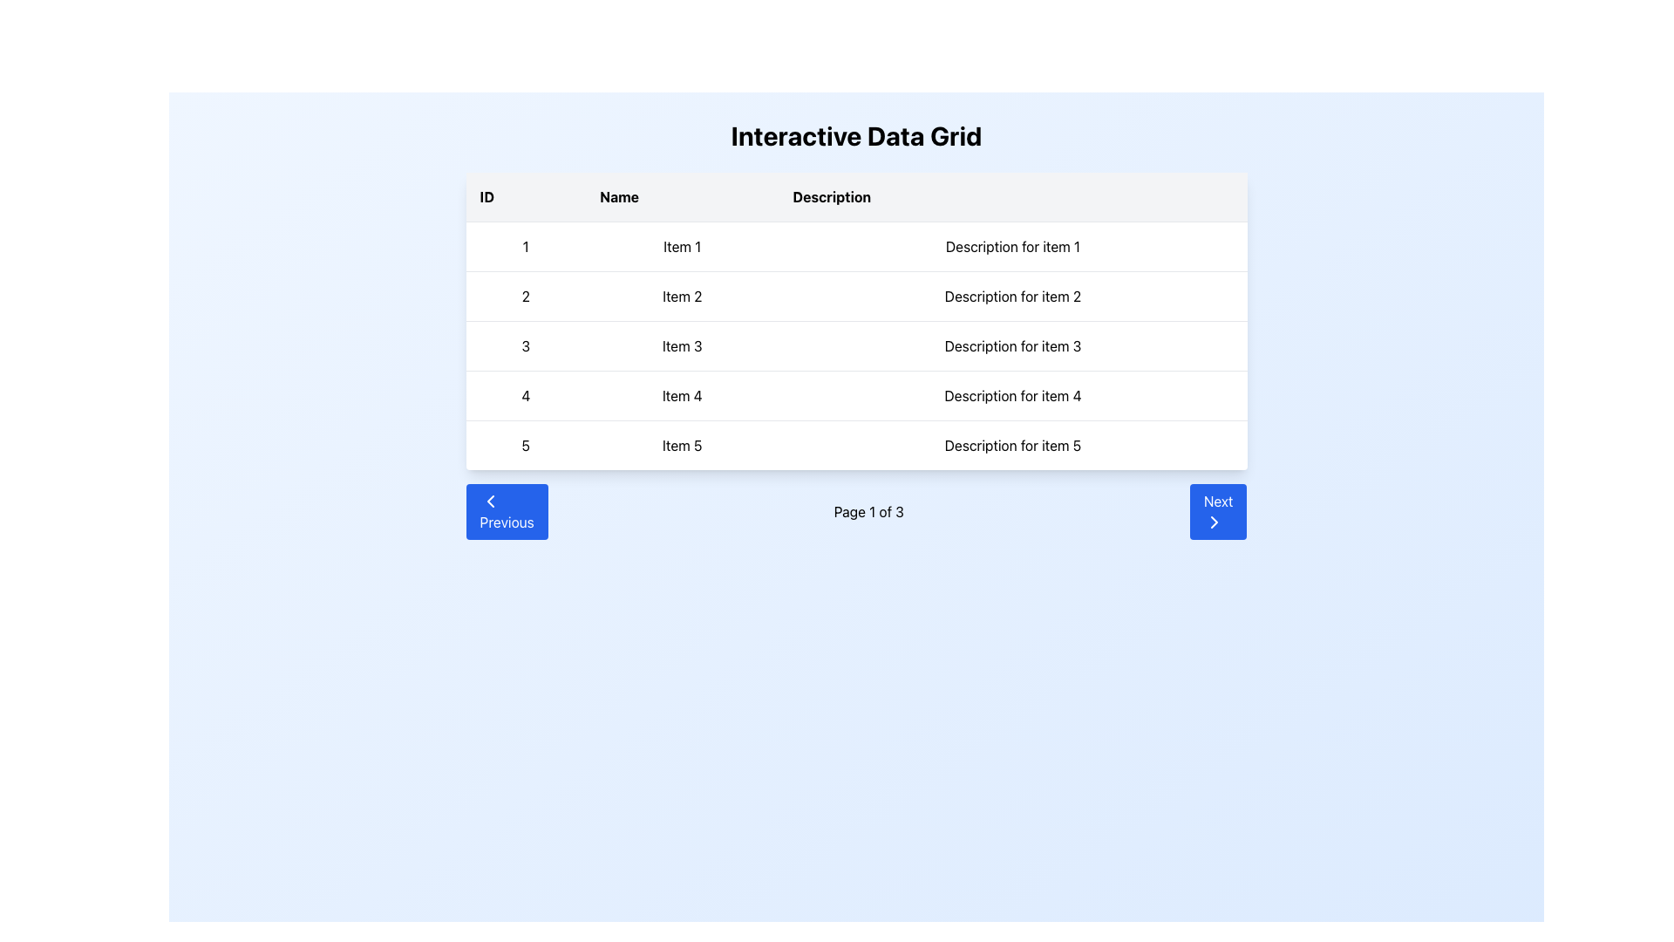  Describe the element at coordinates (525, 444) in the screenshot. I see `the static text element displaying the value '5', which is located in the first column of the bottom row of the data grid under the 'ID' header` at that location.